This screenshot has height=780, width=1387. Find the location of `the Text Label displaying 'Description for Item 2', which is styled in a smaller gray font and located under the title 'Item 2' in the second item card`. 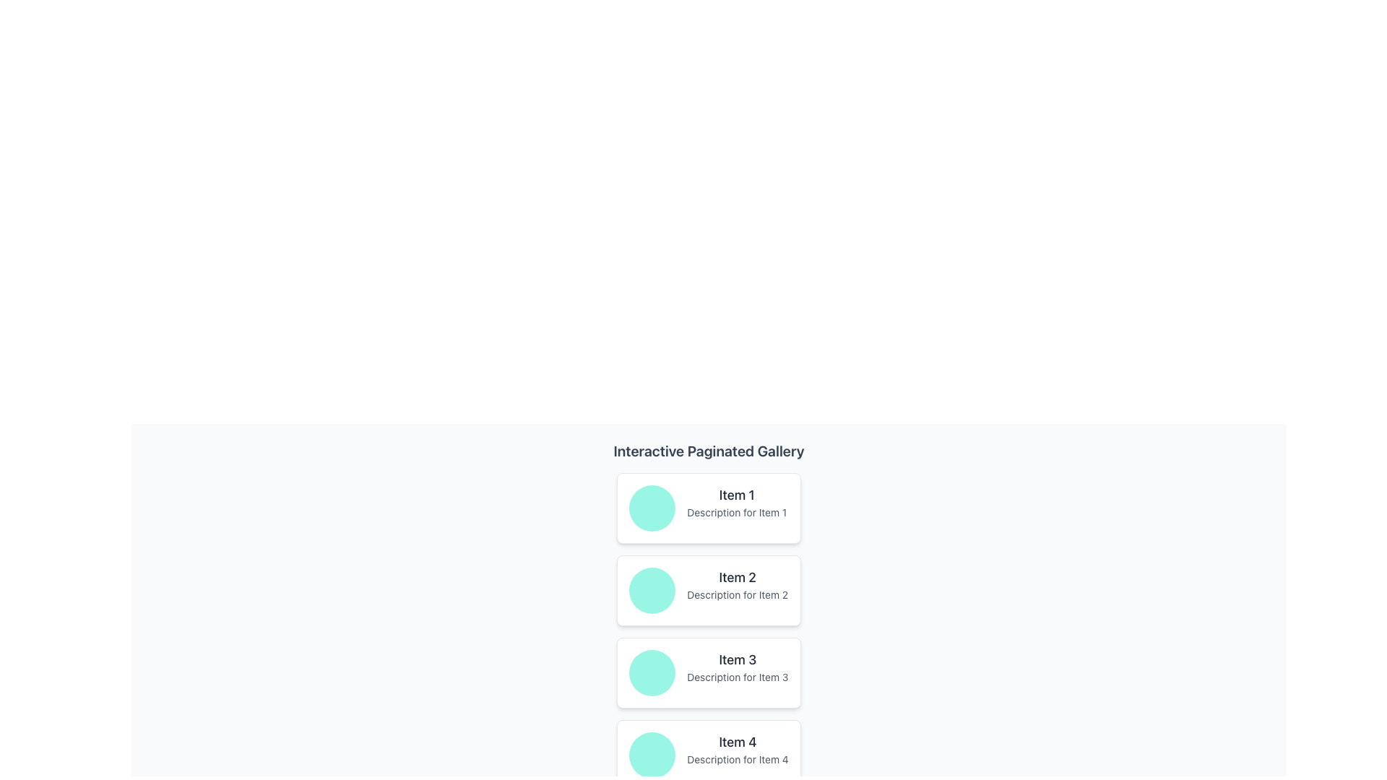

the Text Label displaying 'Description for Item 2', which is styled in a smaller gray font and located under the title 'Item 2' in the second item card is located at coordinates (738, 595).